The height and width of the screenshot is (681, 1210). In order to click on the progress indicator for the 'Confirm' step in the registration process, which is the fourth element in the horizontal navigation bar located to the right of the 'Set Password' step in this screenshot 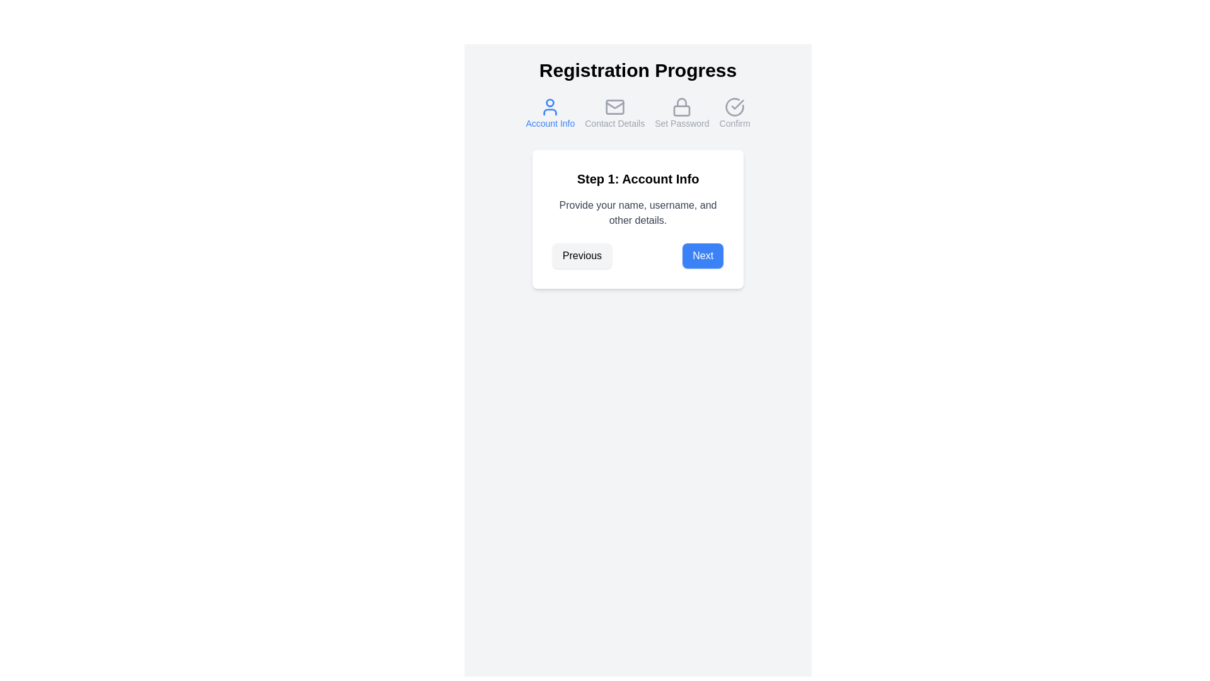, I will do `click(735, 113)`.